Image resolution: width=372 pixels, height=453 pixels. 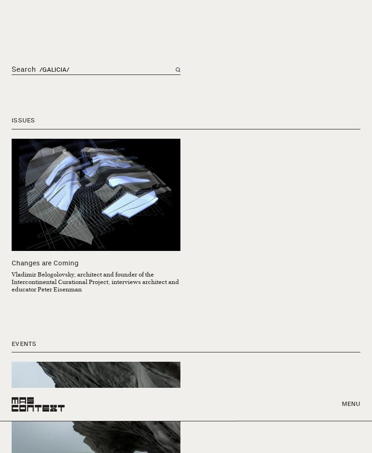 What do you see at coordinates (351, 16) in the screenshot?
I see `'Menu'` at bounding box center [351, 16].